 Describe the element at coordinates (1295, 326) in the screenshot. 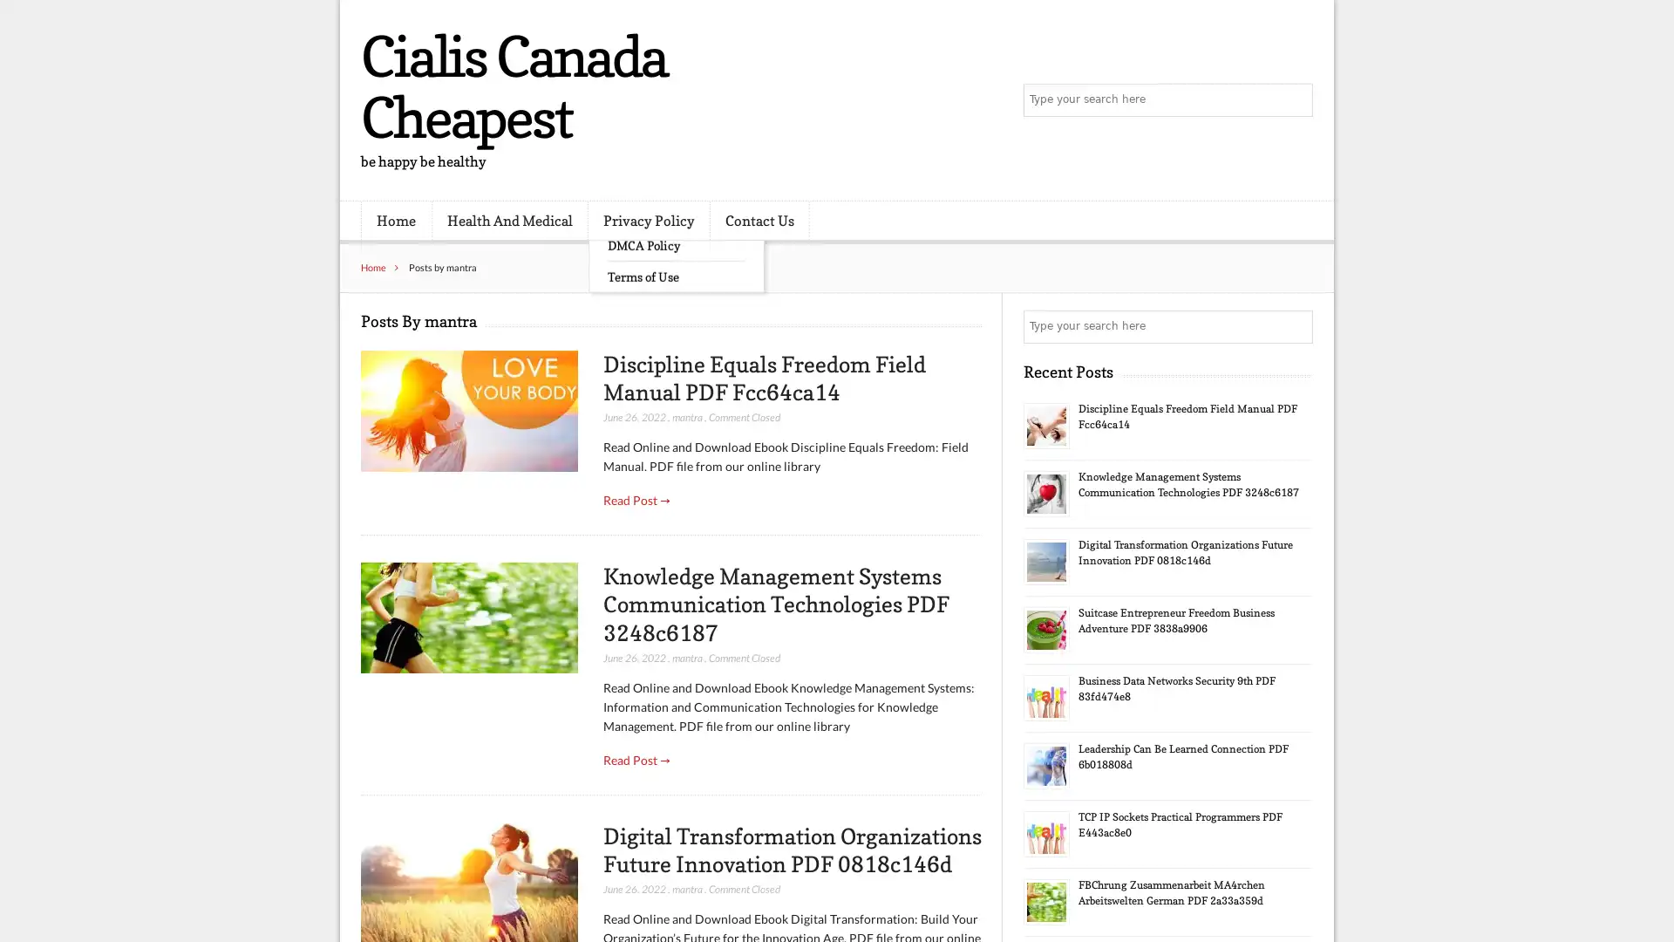

I see `Search` at that location.